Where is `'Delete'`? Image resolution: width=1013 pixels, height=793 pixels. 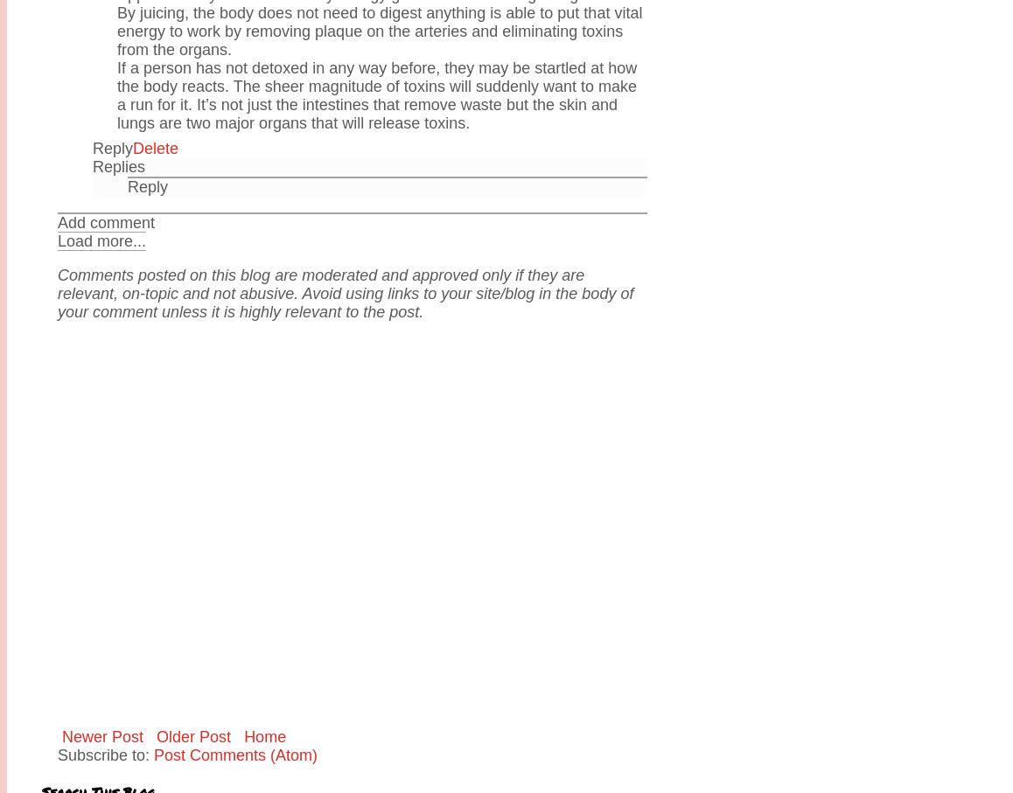 'Delete' is located at coordinates (155, 146).